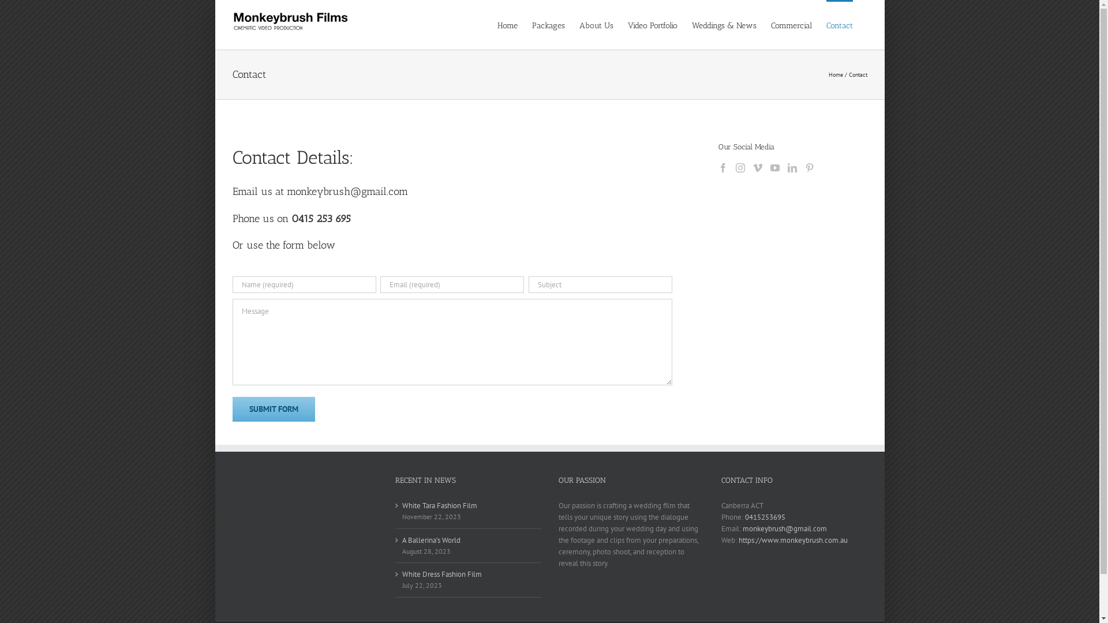  I want to click on 'Pinterest', so click(808, 167).